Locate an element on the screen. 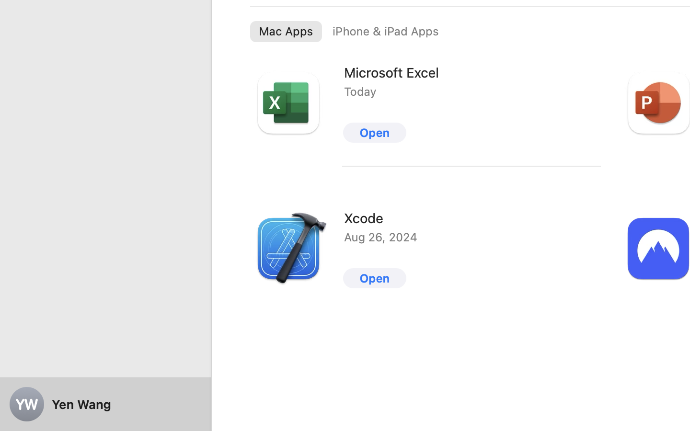  'Yen Wang' is located at coordinates (105, 404).